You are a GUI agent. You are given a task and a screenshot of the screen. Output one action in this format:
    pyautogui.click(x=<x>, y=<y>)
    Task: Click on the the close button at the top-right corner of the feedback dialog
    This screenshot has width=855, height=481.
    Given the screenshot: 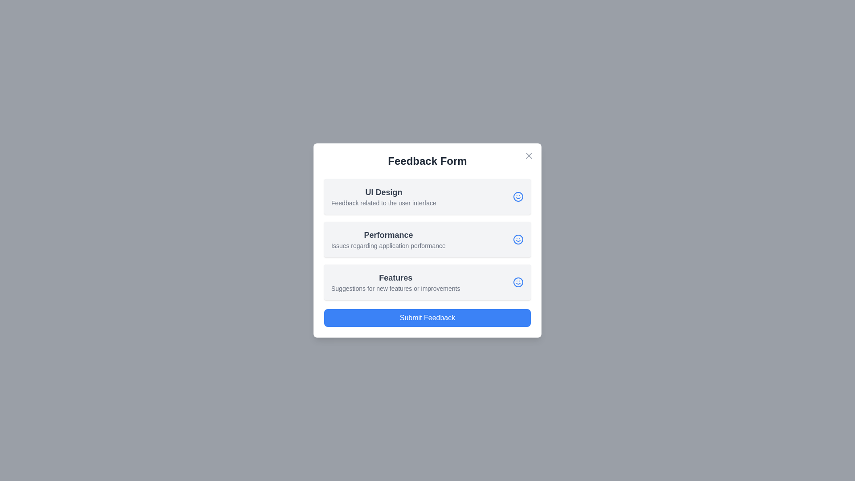 What is the action you would take?
    pyautogui.click(x=529, y=155)
    